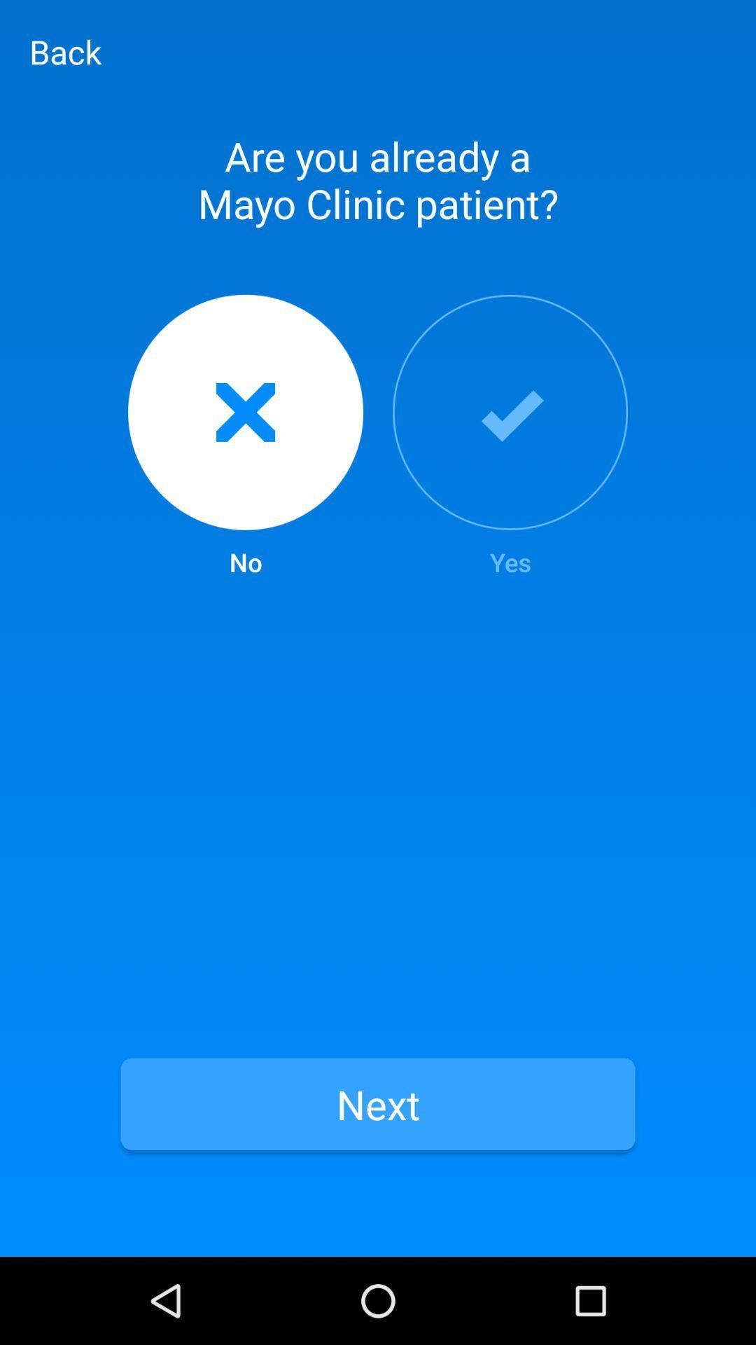  What do you see at coordinates (245, 436) in the screenshot?
I see `no` at bounding box center [245, 436].